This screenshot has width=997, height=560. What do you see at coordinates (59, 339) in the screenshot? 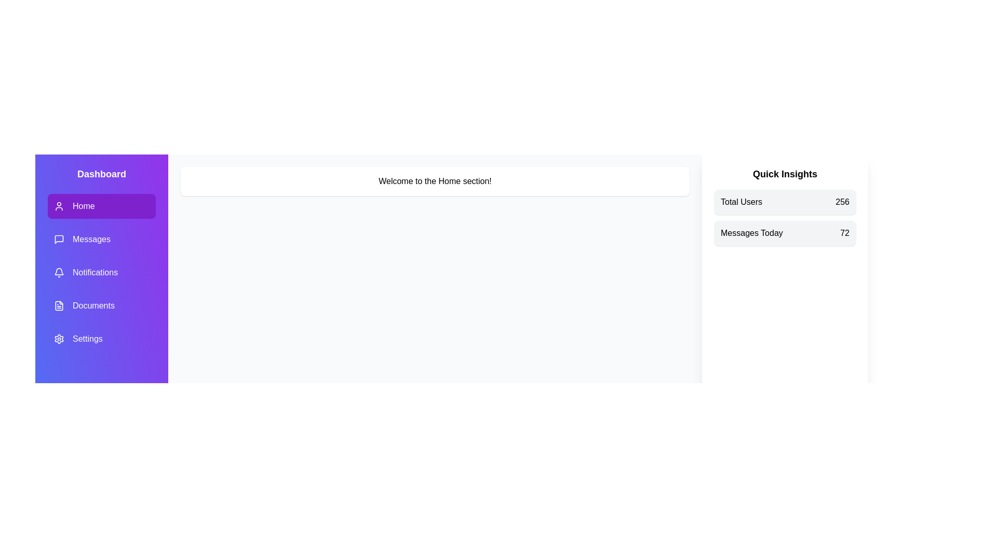
I see `the gear icon representing settings in the sidebar menu, which is styled in line art and displayed in white on a purple background` at bounding box center [59, 339].